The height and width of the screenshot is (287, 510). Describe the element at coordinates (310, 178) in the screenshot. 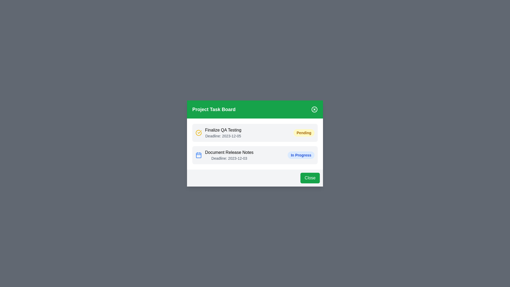

I see `the 'Close' button in the footer of the dialog to close it` at that location.